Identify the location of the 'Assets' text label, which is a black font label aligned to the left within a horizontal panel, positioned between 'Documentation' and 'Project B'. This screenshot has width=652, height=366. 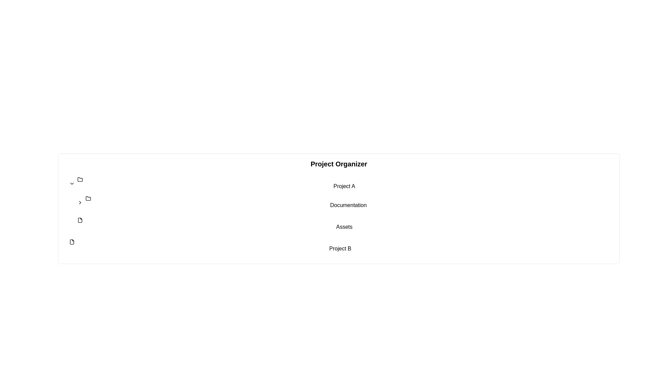
(344, 224).